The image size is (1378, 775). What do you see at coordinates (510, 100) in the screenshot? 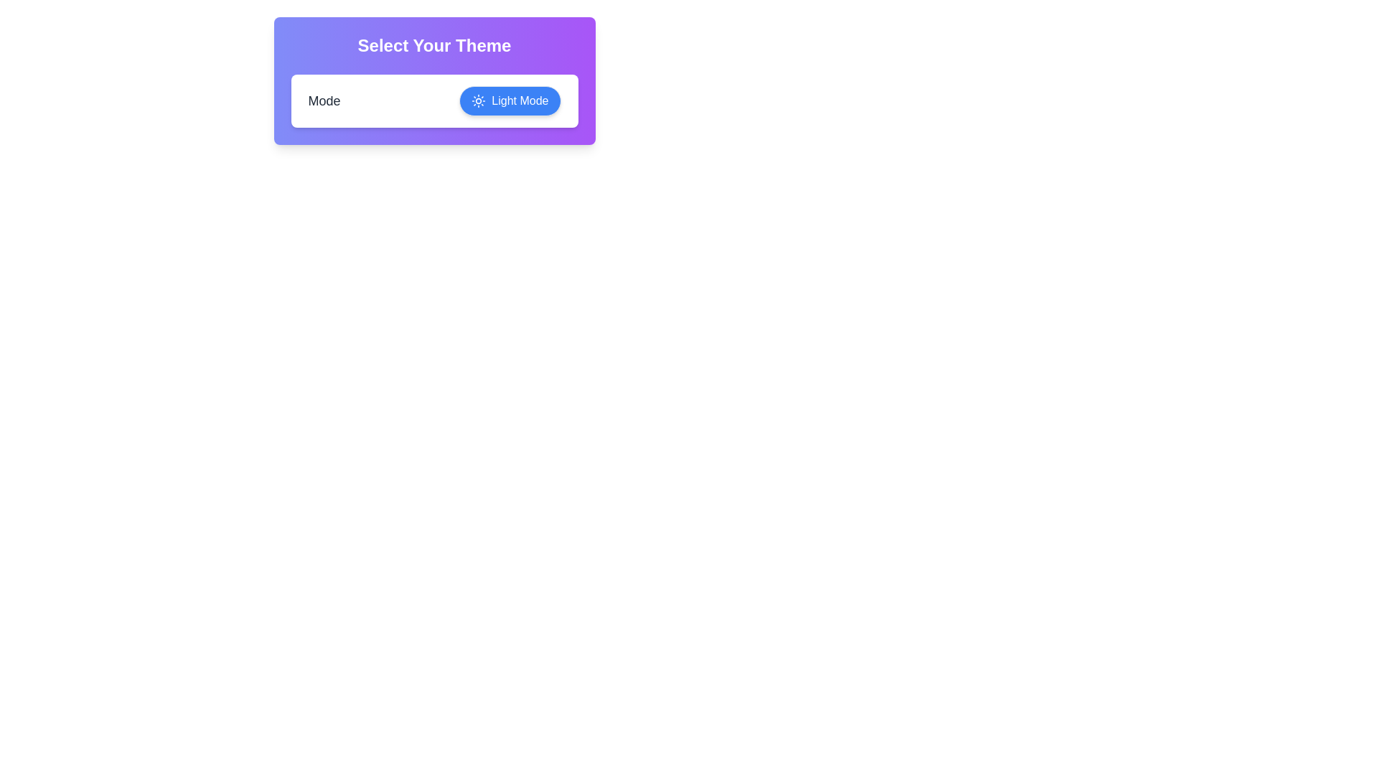
I see `the theme toggle button to change the theme` at bounding box center [510, 100].